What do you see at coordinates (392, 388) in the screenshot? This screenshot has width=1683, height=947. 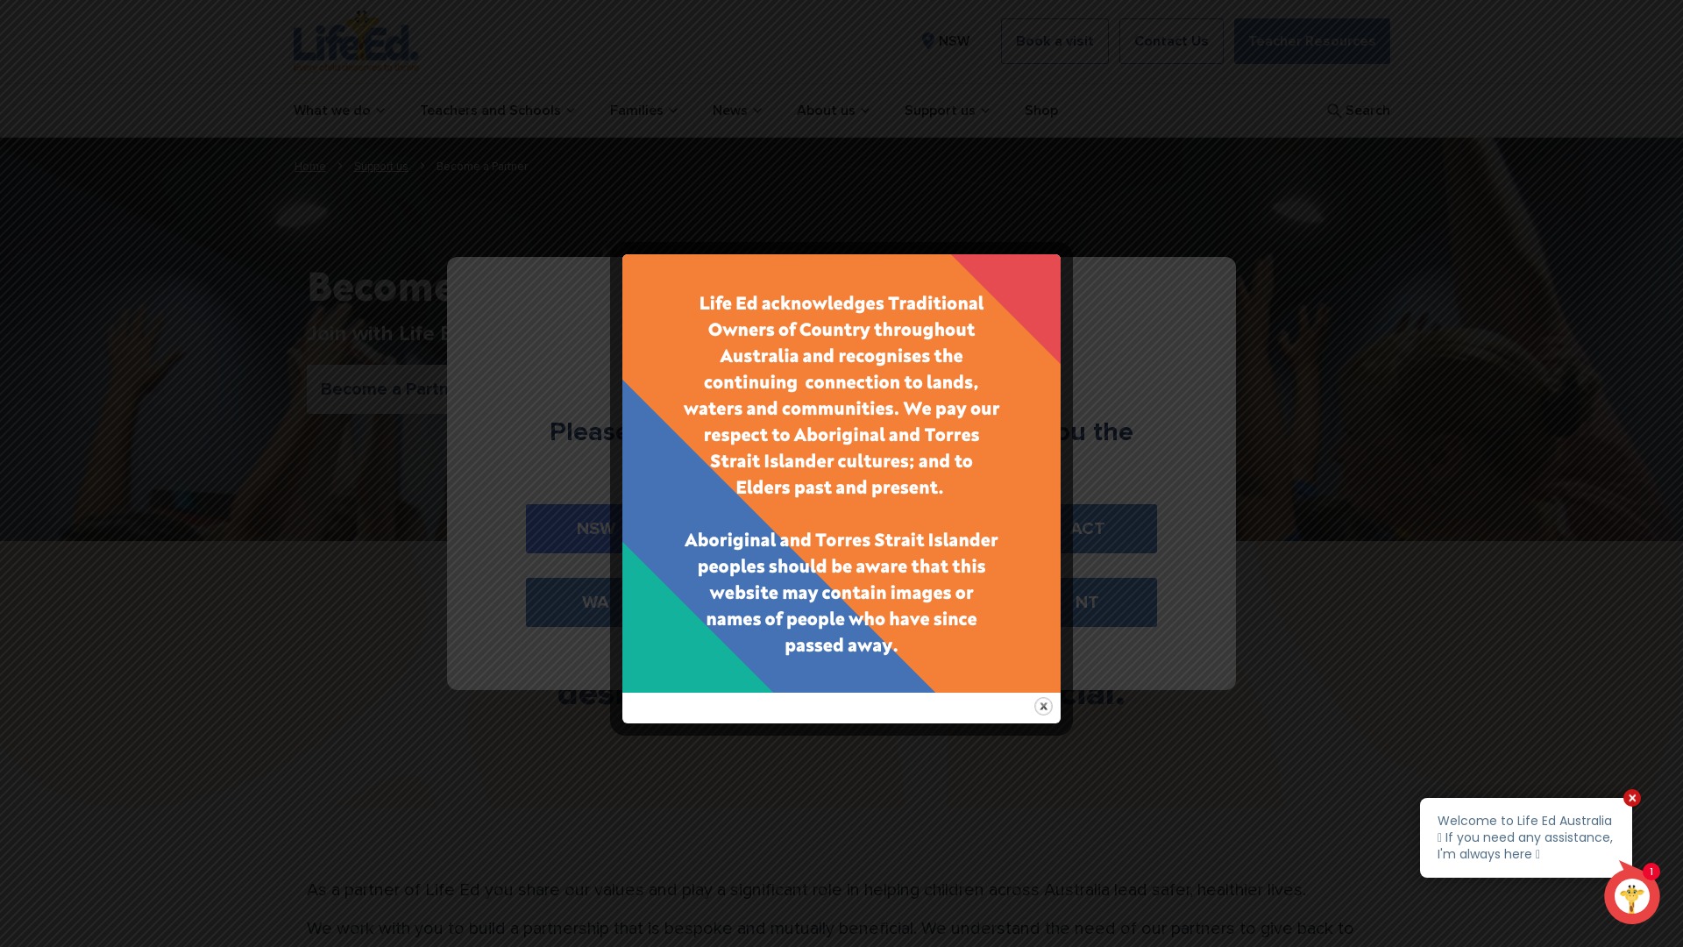 I see `'Become a Partner'` at bounding box center [392, 388].